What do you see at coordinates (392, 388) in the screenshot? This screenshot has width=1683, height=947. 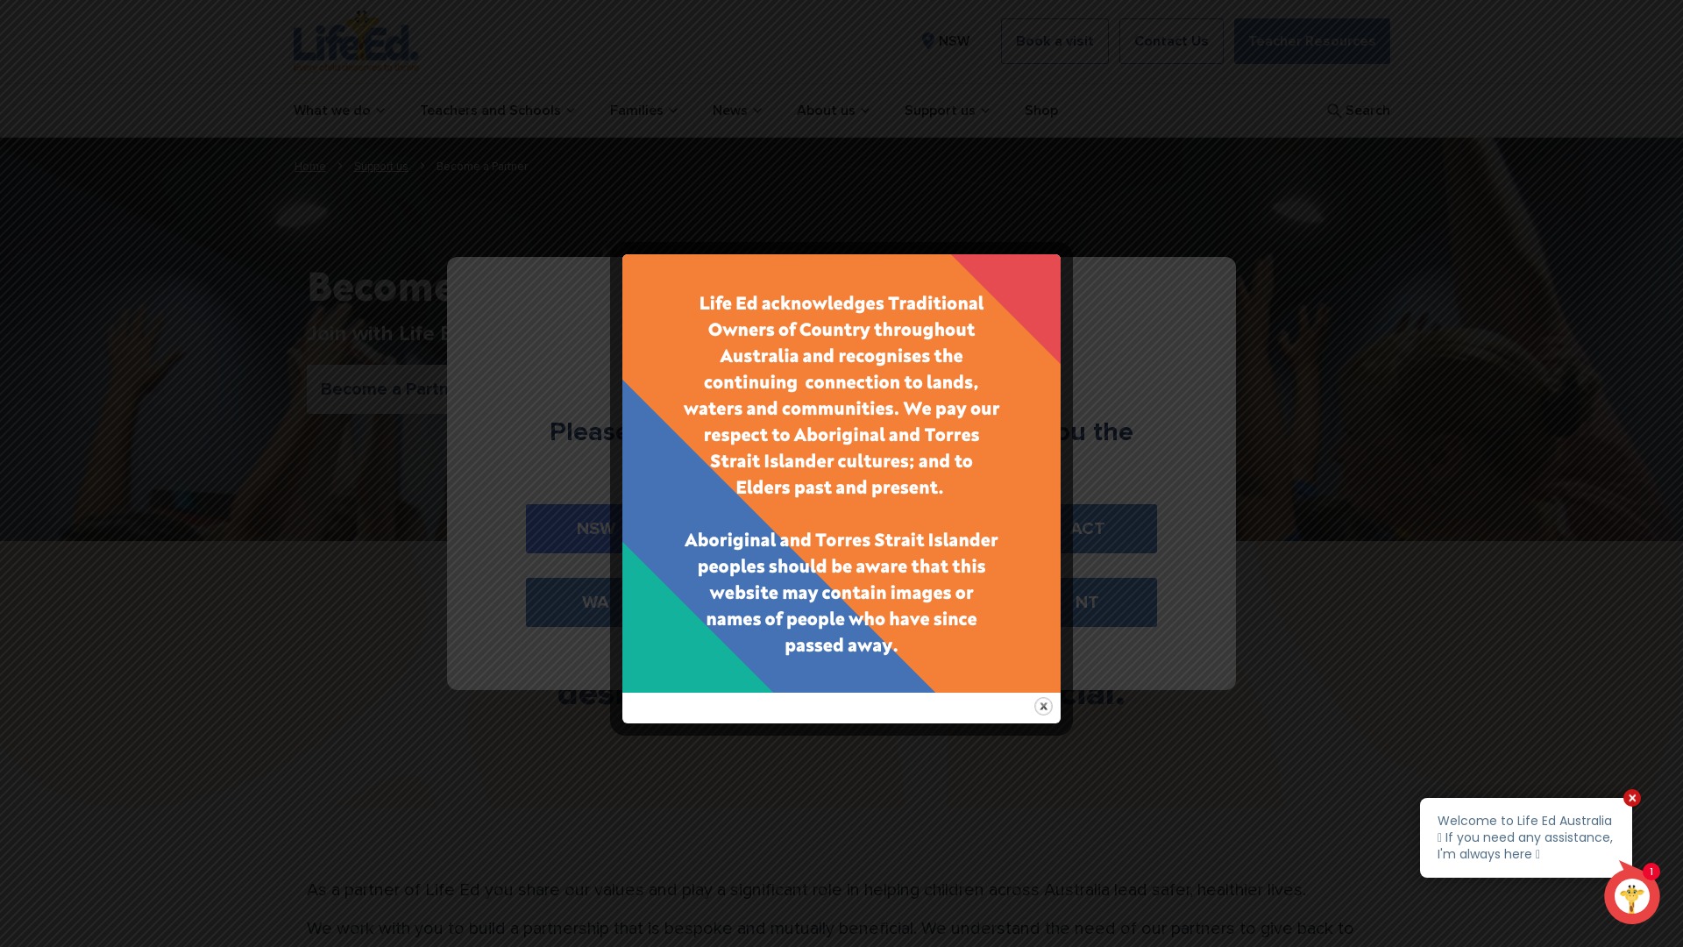 I see `'Become a Partner'` at bounding box center [392, 388].